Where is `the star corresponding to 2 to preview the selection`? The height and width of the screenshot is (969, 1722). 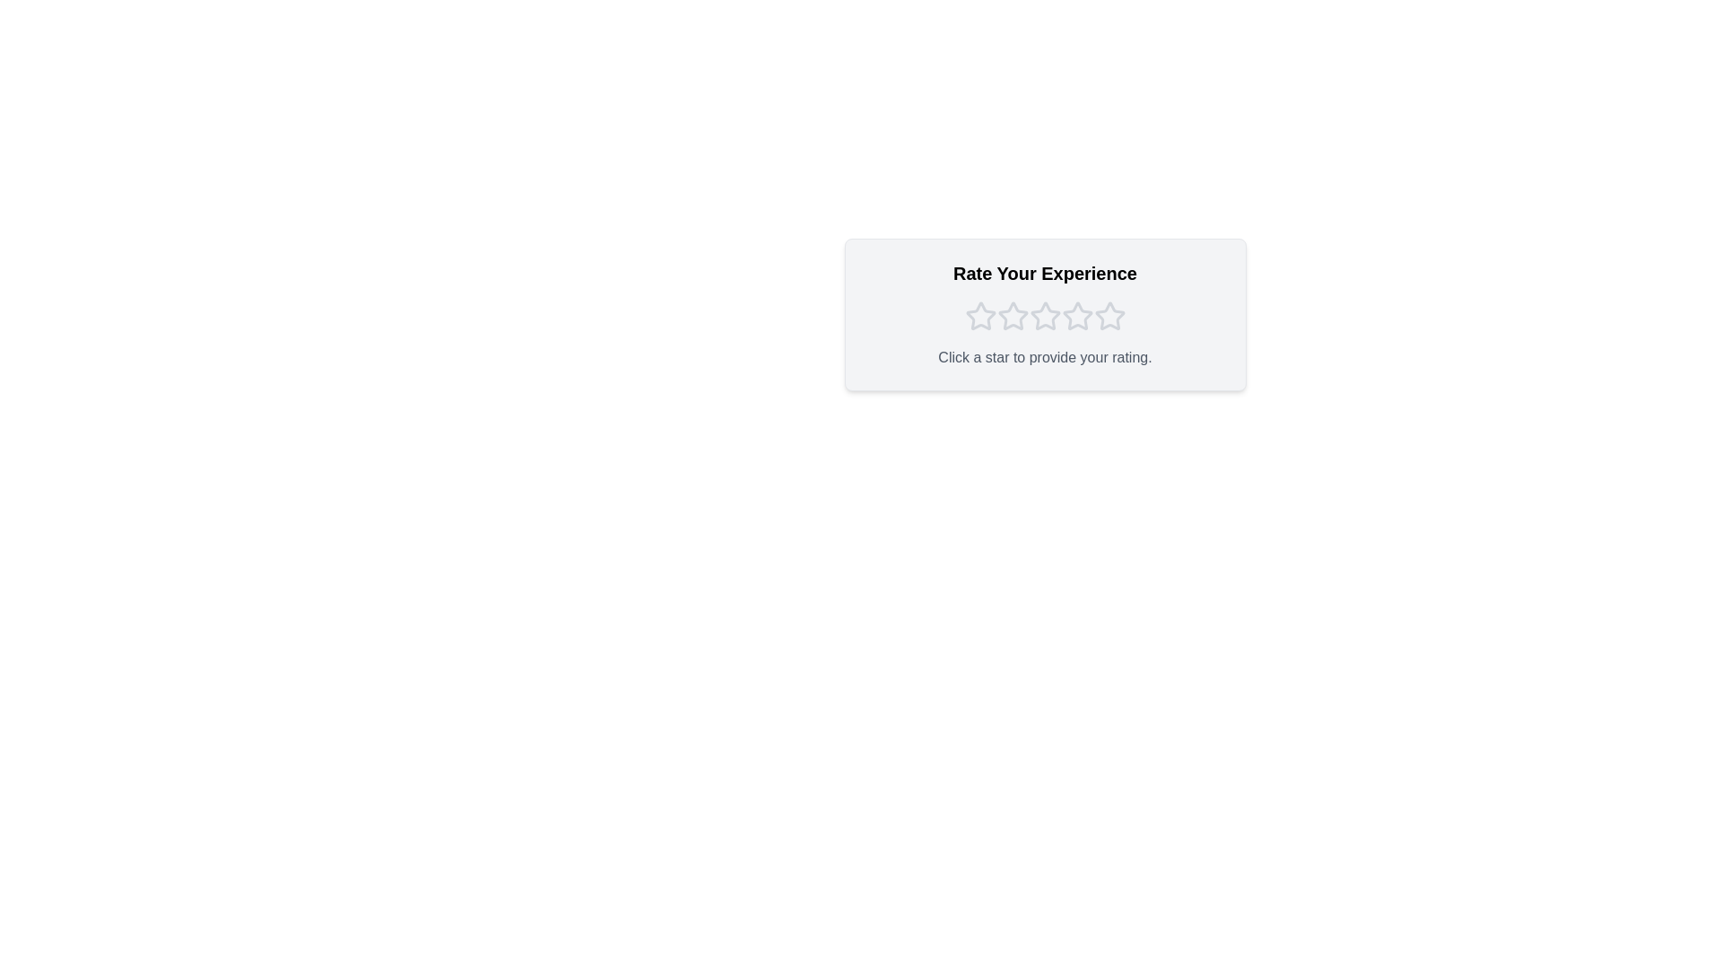 the star corresponding to 2 to preview the selection is located at coordinates (1013, 316).